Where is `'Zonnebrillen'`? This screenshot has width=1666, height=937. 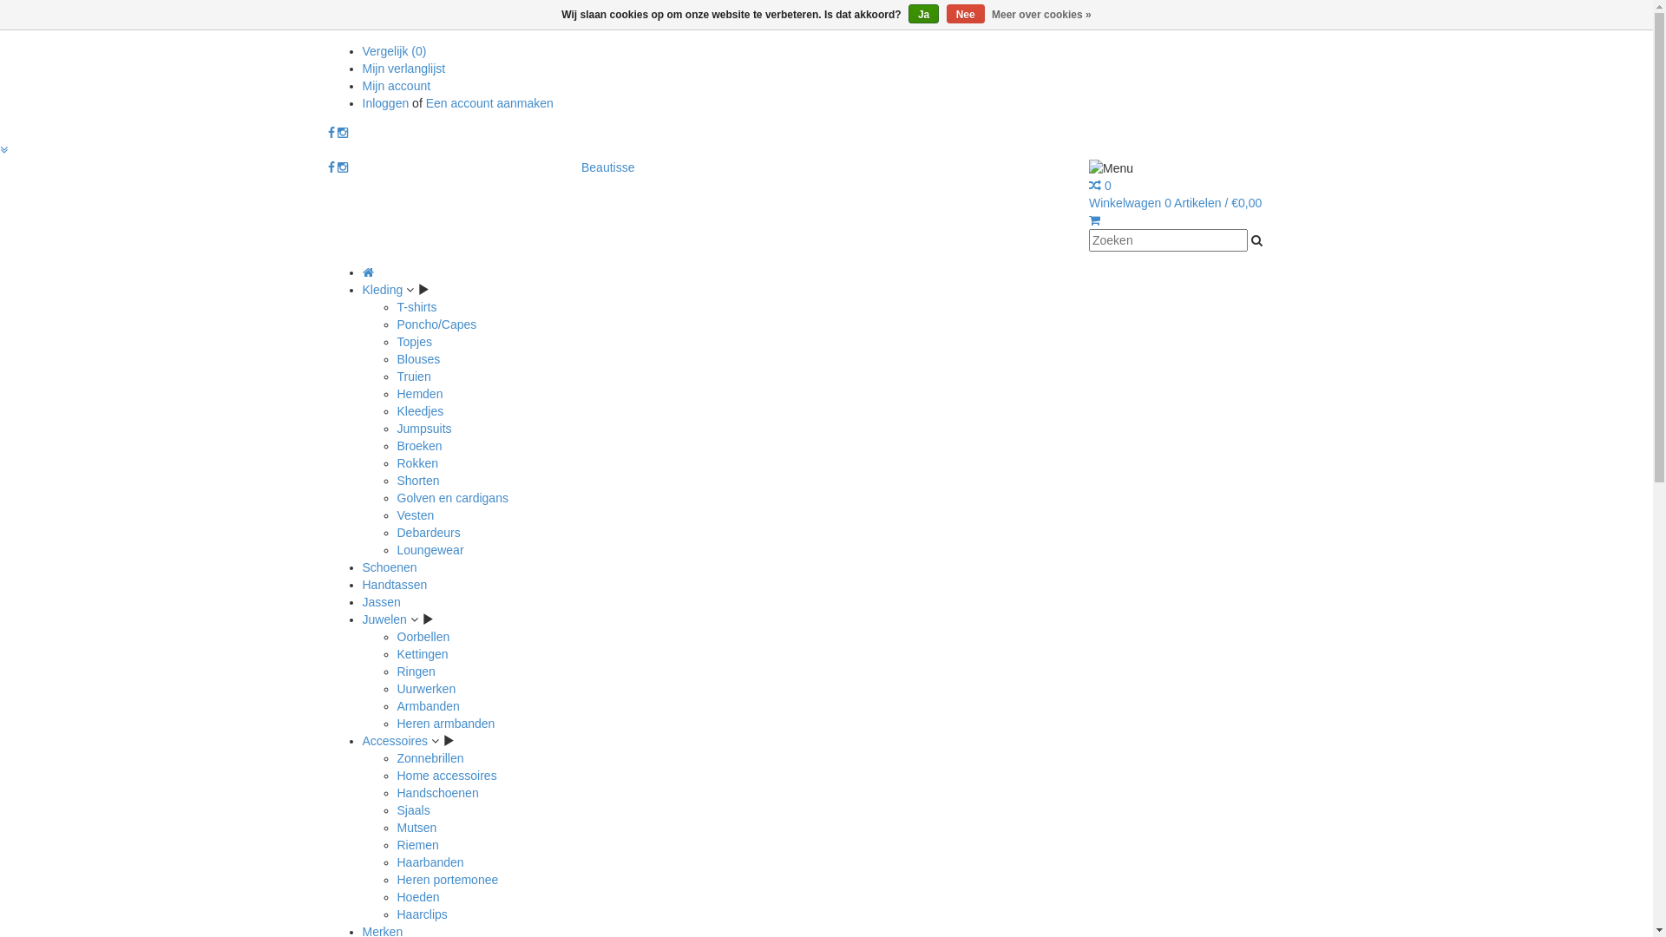
'Zonnebrillen' is located at coordinates (396, 757).